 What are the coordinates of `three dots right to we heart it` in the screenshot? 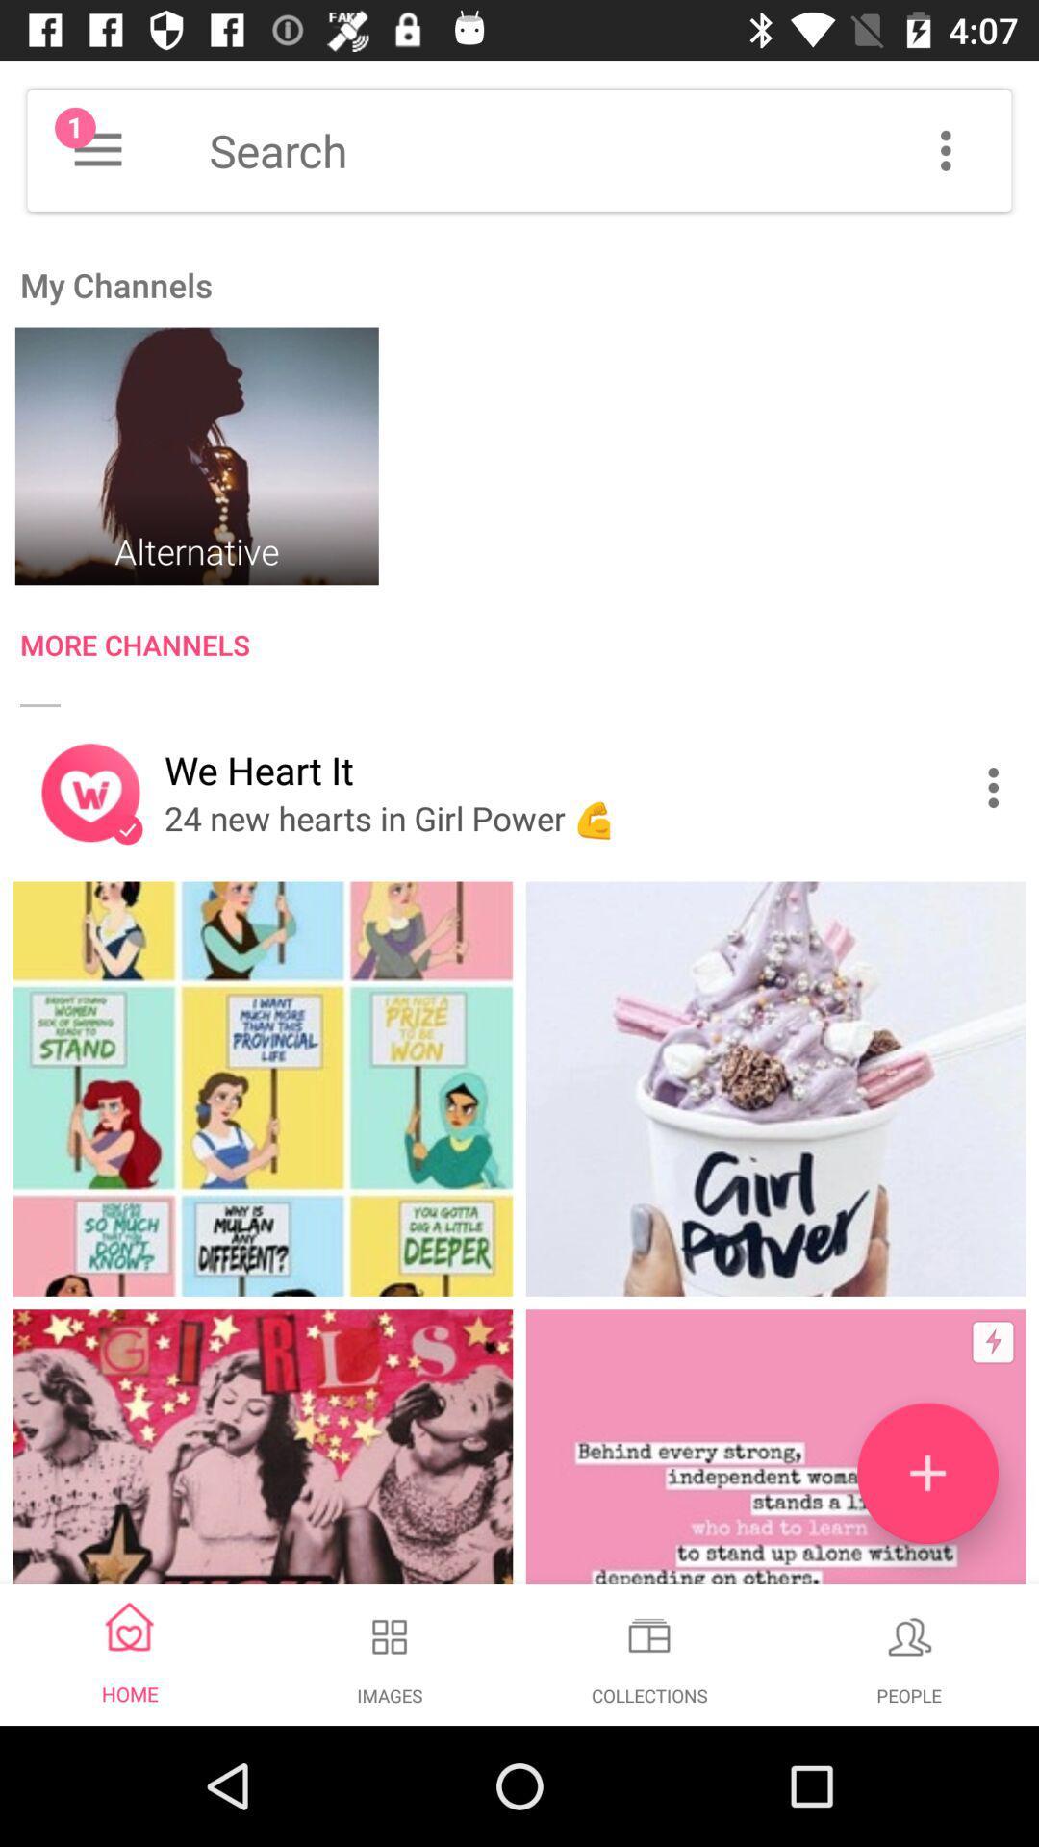 It's located at (997, 788).